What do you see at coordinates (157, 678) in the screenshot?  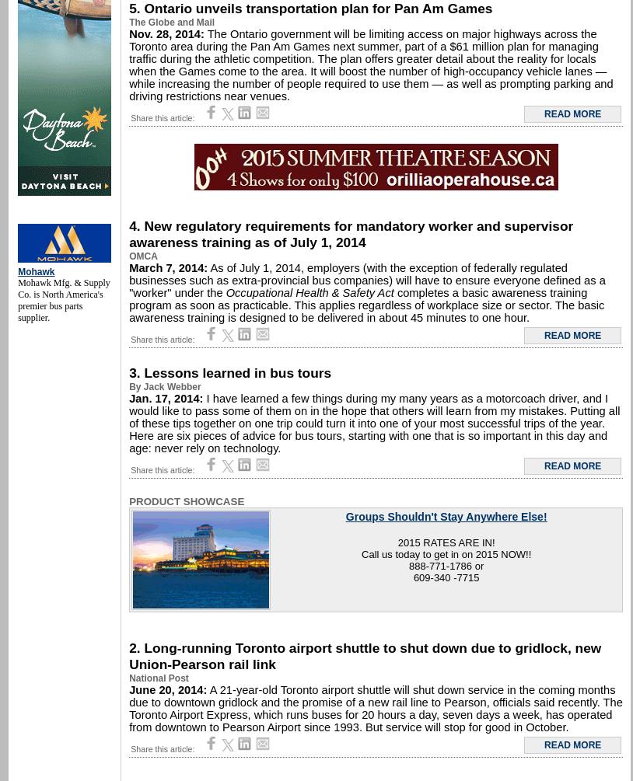 I see `'National Post'` at bounding box center [157, 678].